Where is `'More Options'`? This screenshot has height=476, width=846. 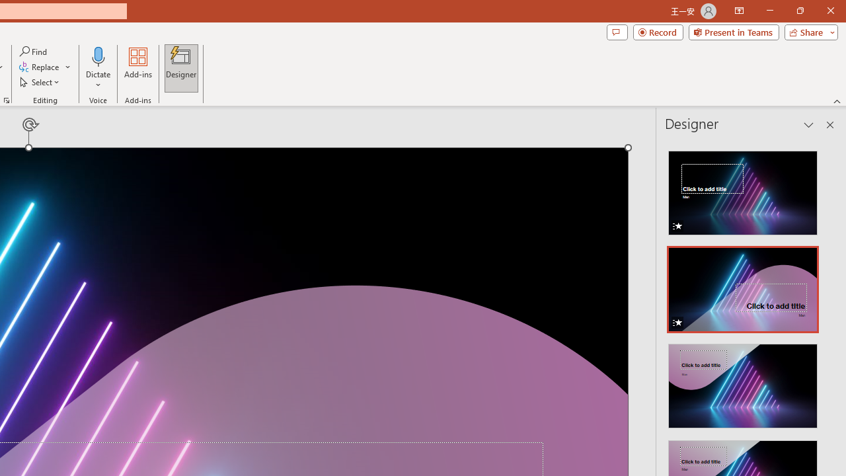
'More Options' is located at coordinates (98, 80).